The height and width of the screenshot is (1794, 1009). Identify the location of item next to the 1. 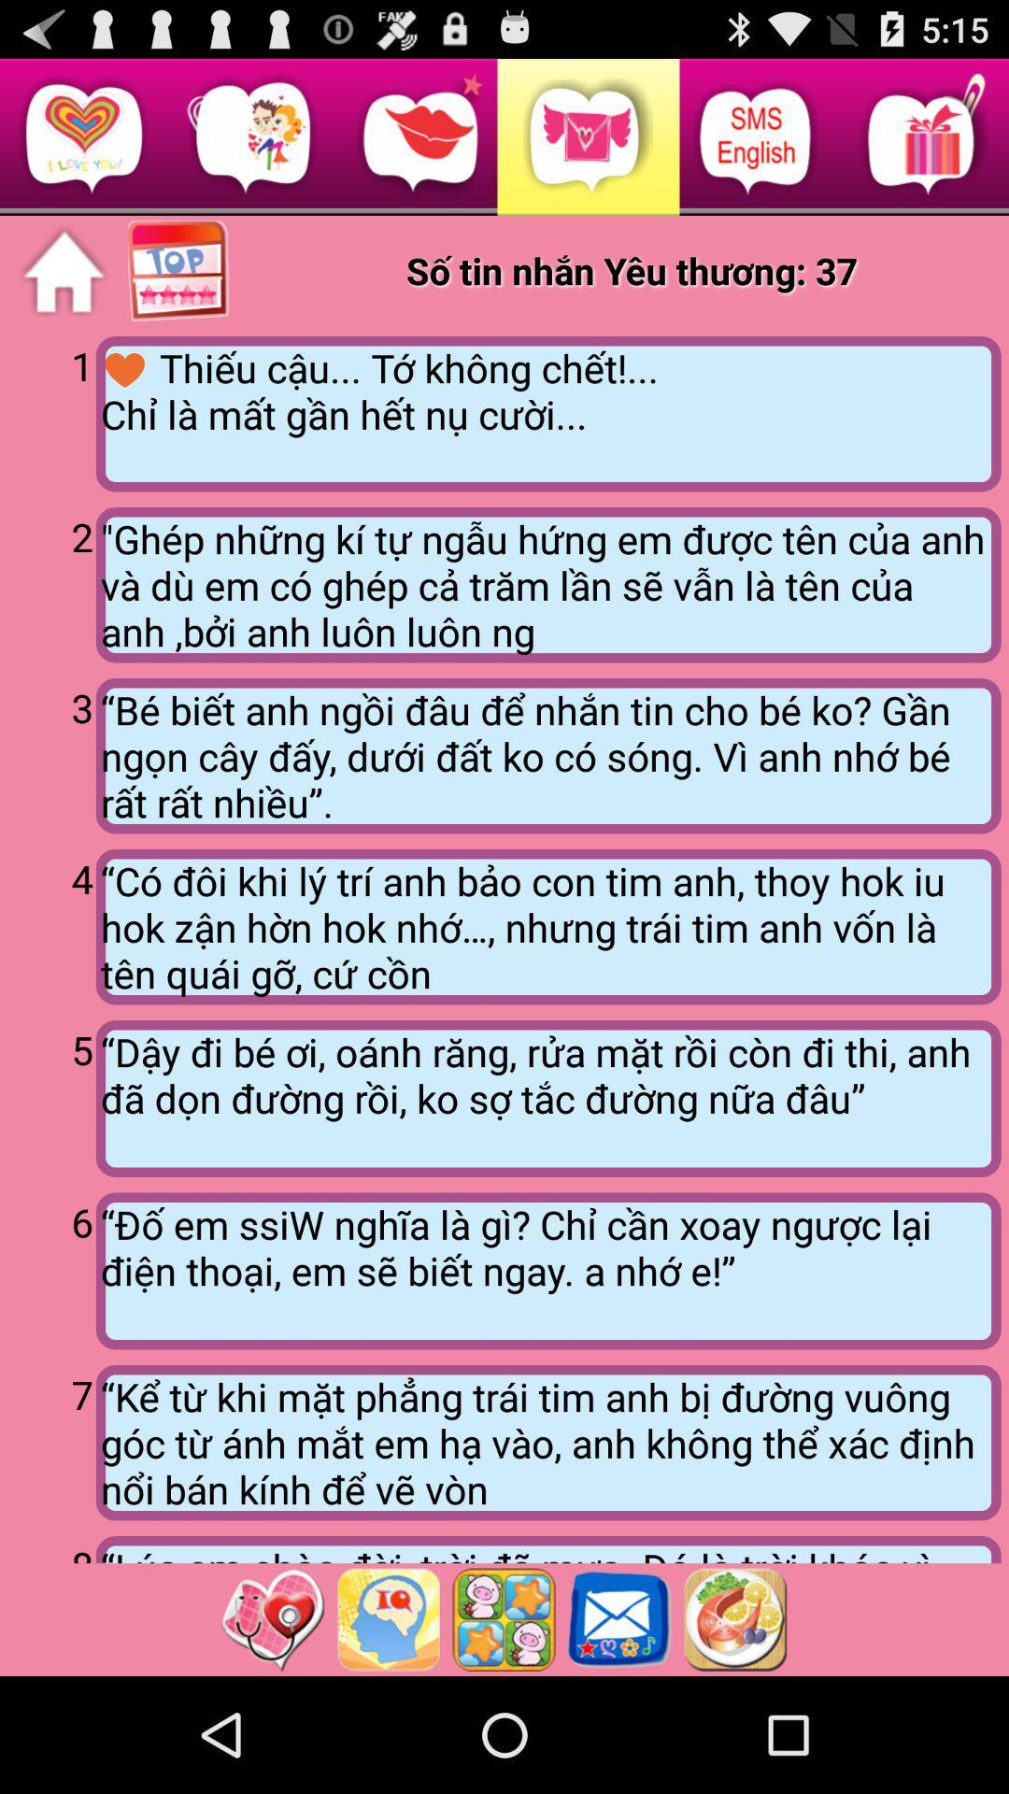
(547, 413).